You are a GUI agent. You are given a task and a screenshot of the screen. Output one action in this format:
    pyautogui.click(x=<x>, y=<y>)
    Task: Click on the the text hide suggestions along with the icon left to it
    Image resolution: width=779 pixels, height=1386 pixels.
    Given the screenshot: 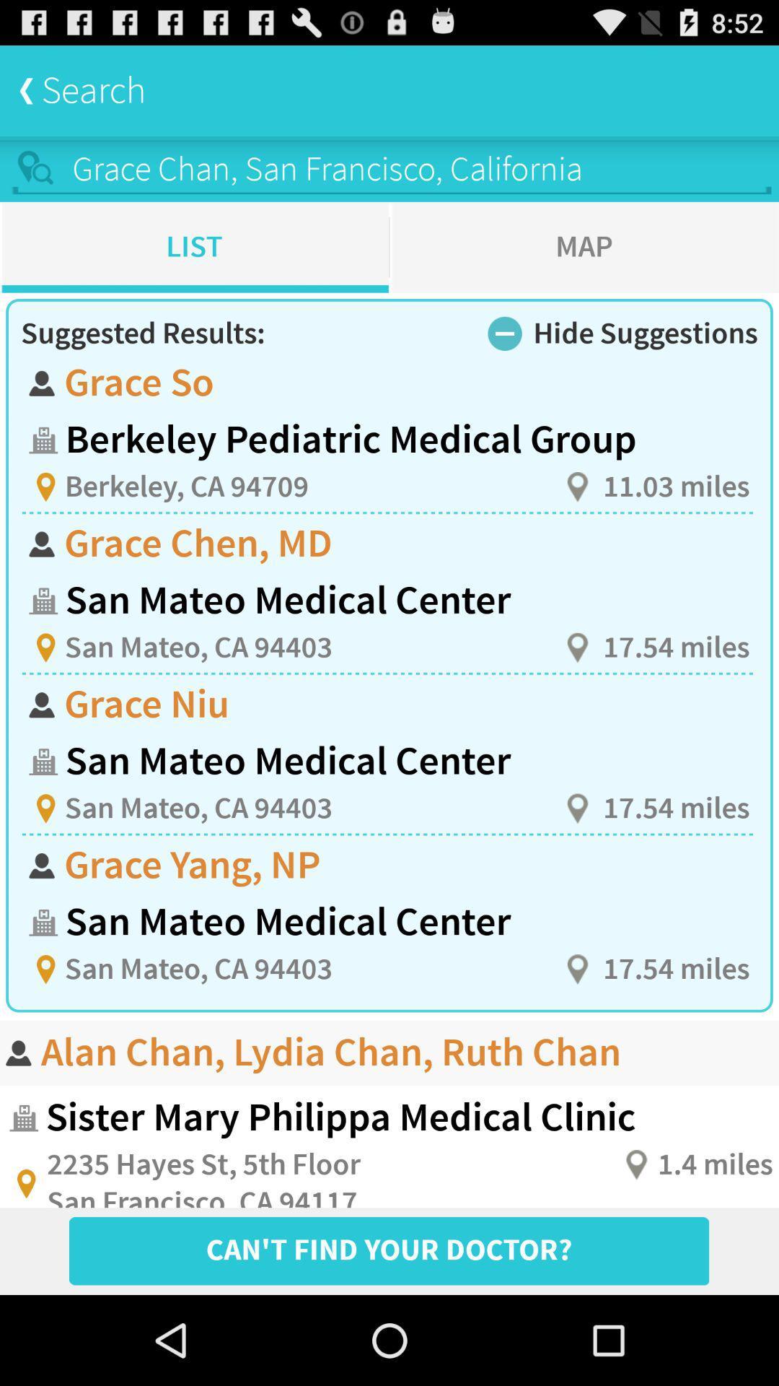 What is the action you would take?
    pyautogui.click(x=622, y=333)
    